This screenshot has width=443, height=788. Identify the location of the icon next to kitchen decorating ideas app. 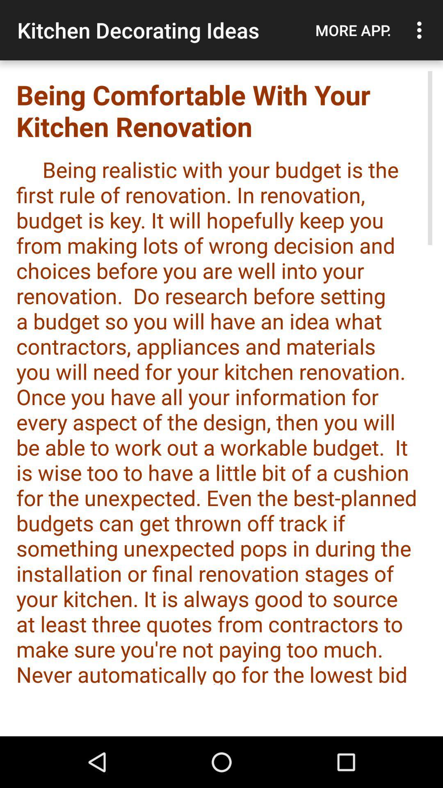
(353, 30).